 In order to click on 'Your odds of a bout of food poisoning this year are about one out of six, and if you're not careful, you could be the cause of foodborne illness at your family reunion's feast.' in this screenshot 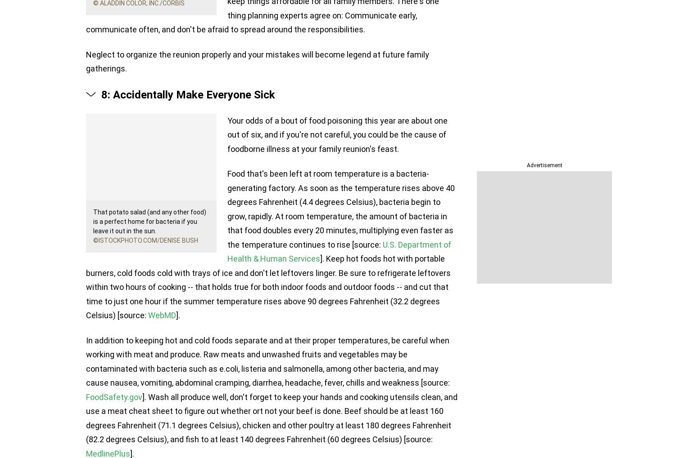, I will do `click(337, 133)`.